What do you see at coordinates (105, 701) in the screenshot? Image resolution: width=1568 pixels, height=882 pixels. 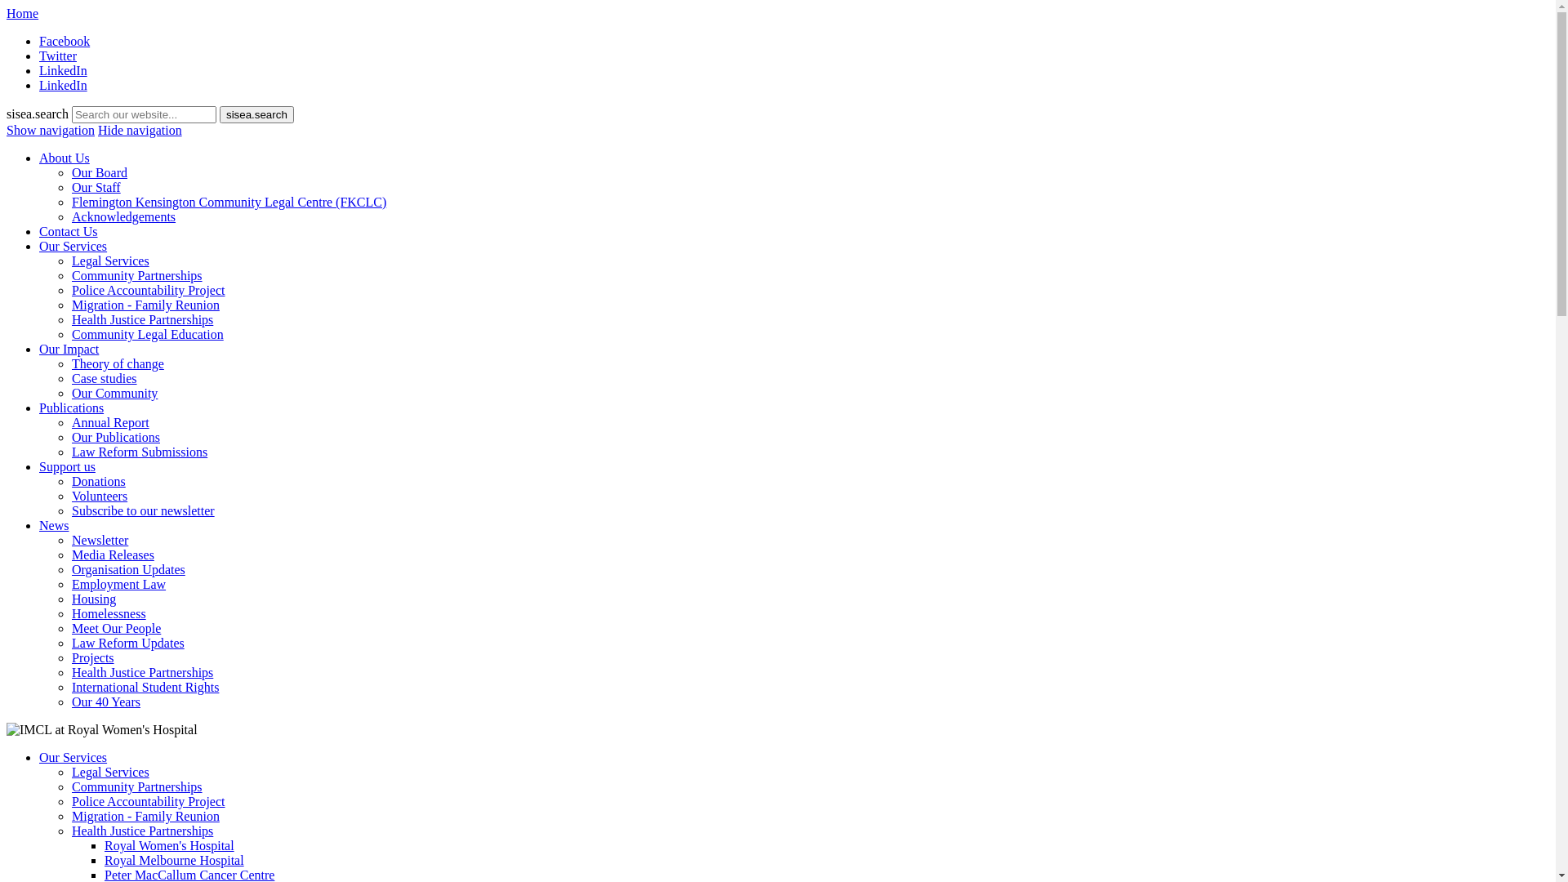 I see `'Our 40 Years'` at bounding box center [105, 701].